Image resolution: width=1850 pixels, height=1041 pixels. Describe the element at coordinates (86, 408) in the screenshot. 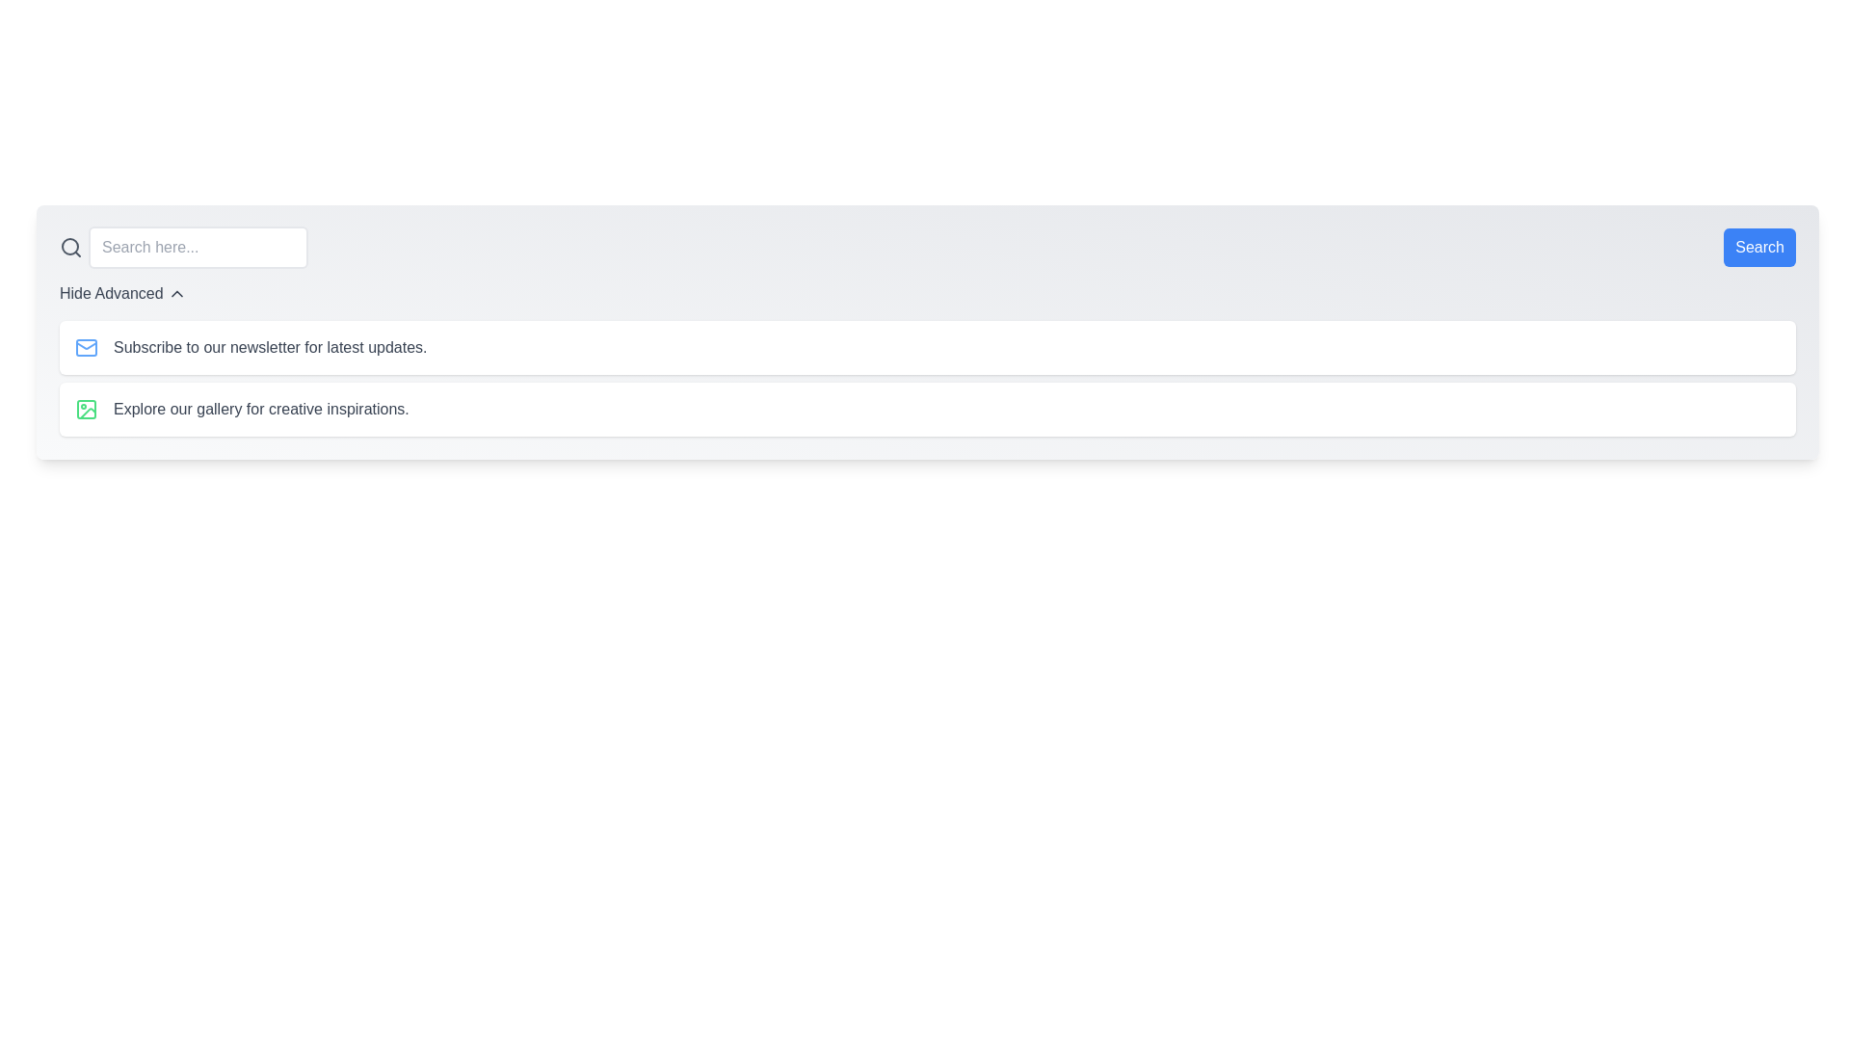

I see `the decorative graphical icon component (rectangle) located in the middle-left part of the second row's icon in the SVG` at that location.